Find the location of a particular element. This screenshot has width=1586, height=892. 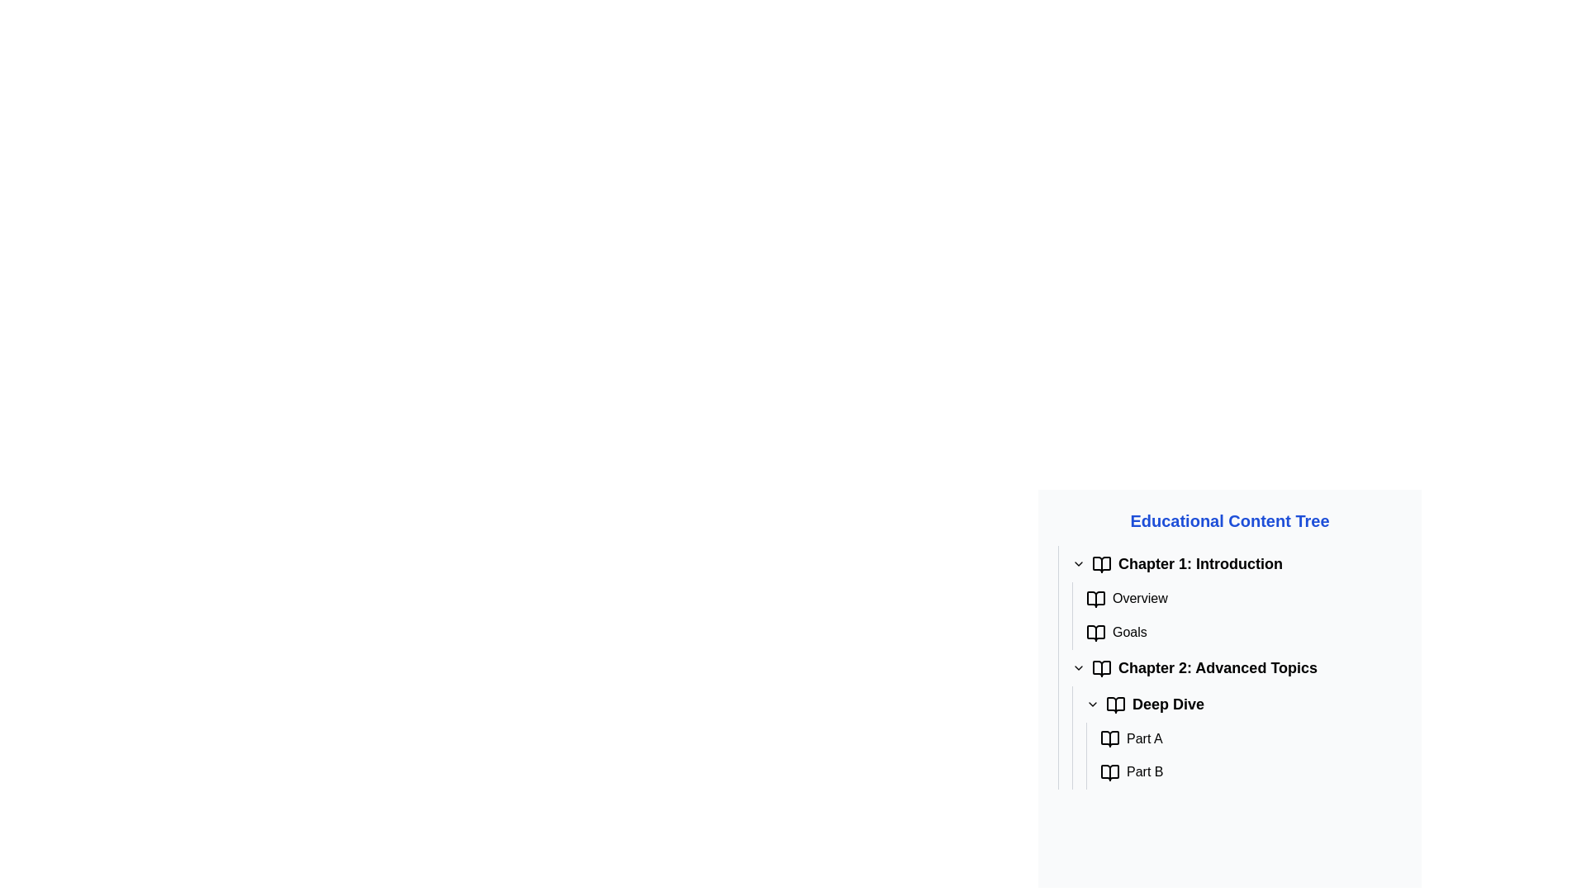

the 'Goals' navigation link within the 'Chapter 1: Introduction' section of the content menu is located at coordinates (1244, 632).